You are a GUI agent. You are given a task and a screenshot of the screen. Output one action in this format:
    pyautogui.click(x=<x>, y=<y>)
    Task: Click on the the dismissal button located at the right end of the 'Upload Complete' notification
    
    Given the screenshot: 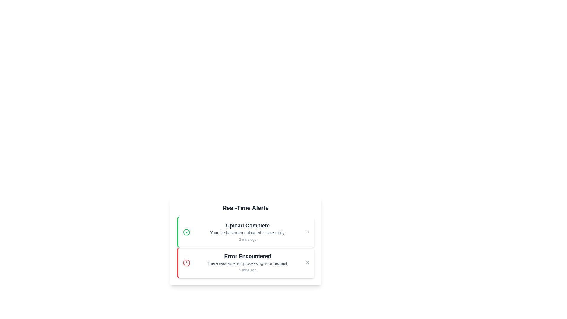 What is the action you would take?
    pyautogui.click(x=307, y=232)
    